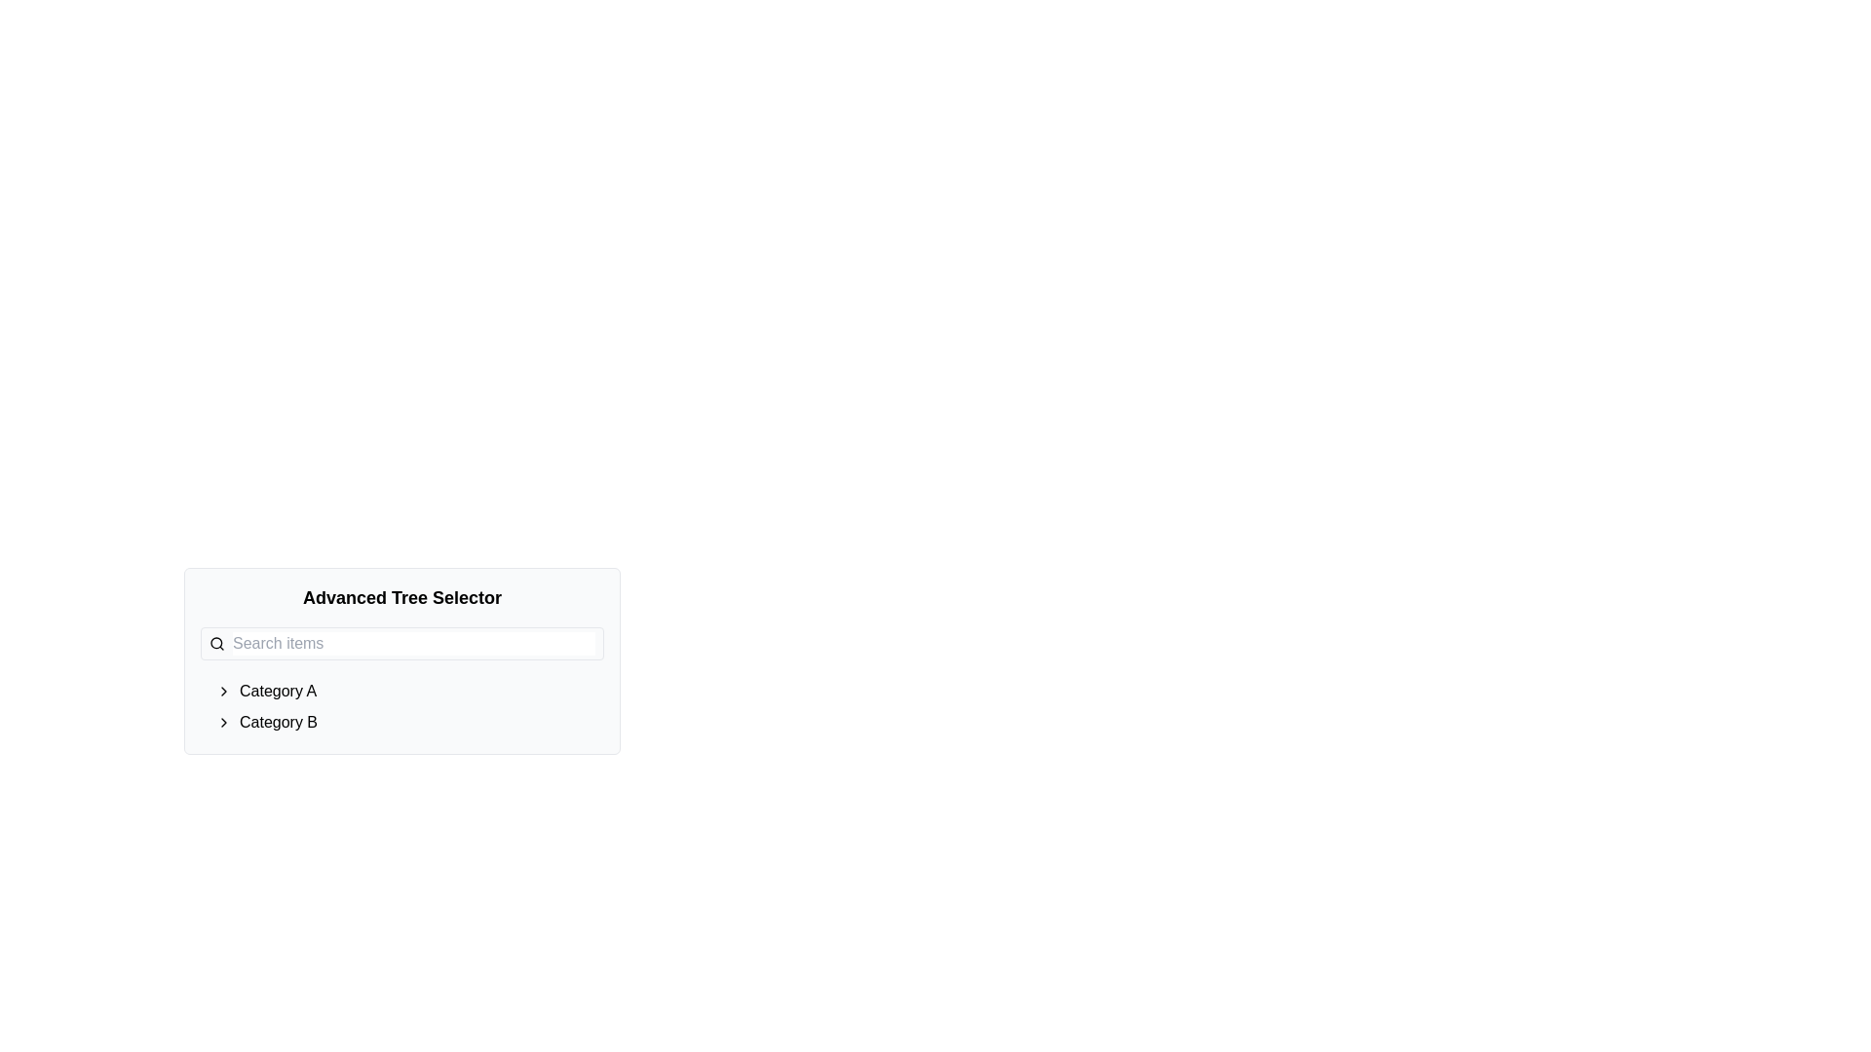  What do you see at coordinates (409, 706) in the screenshot?
I see `the vertical list component with expandable/collapsible items located centrally in the interface below the title 'Advanced Tree Selector'` at bounding box center [409, 706].